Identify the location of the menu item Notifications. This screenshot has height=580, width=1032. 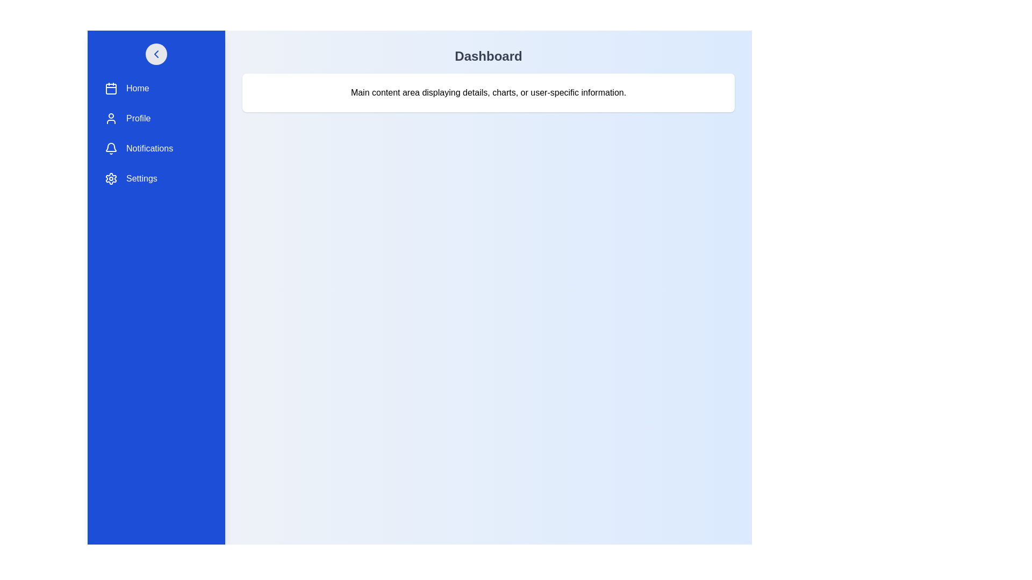
(156, 149).